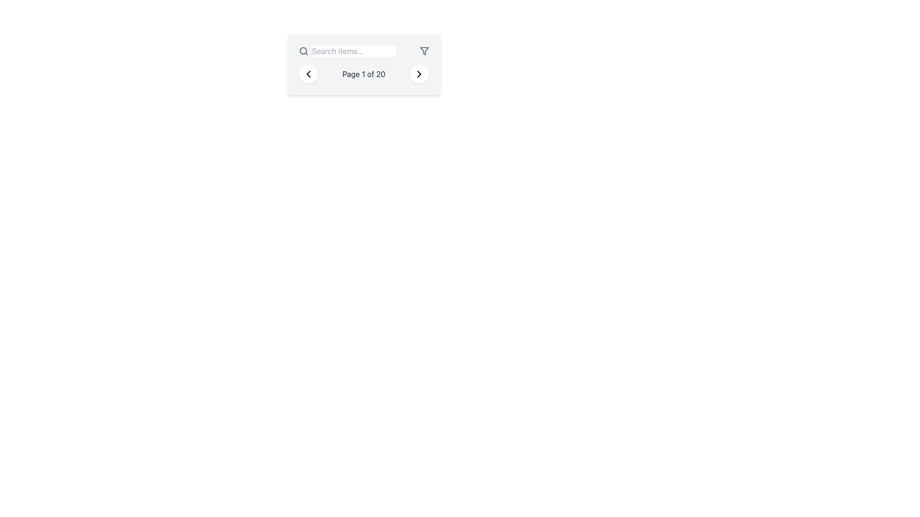 The height and width of the screenshot is (517, 920). Describe the element at coordinates (424, 51) in the screenshot. I see `the gray funnel icon located centered towards the right side of the search bar` at that location.